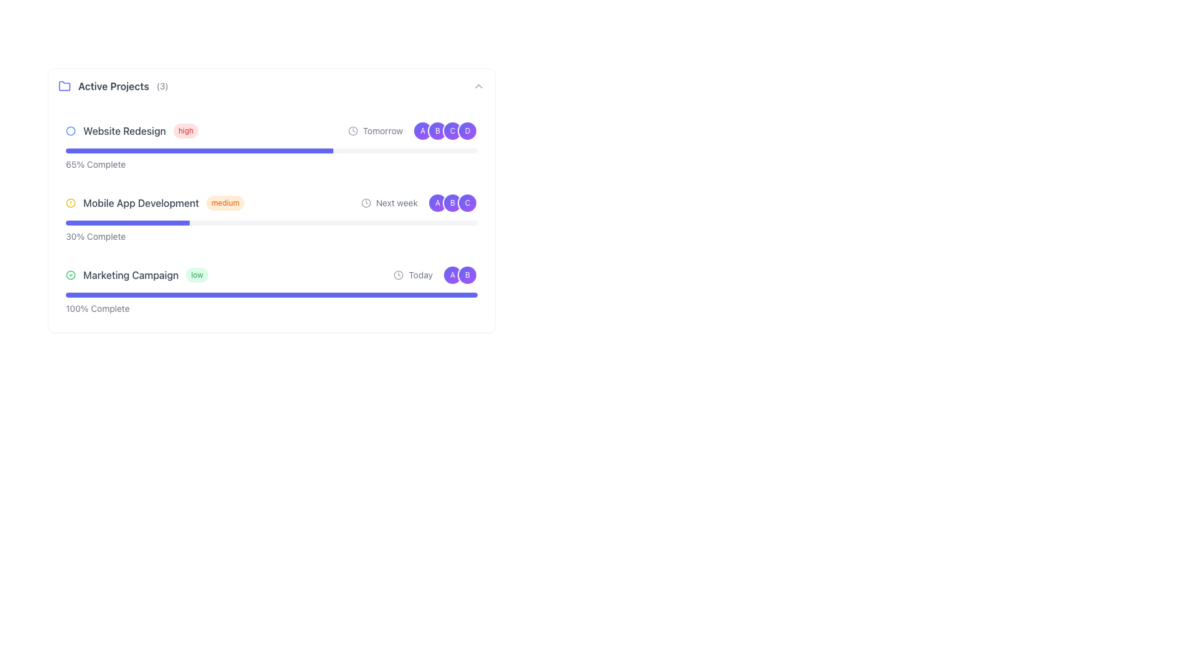  I want to click on the text label displaying 'Mobile App Development', which is the second label in the vertical list of project entries under 'Active Projects (3)', so click(141, 203).